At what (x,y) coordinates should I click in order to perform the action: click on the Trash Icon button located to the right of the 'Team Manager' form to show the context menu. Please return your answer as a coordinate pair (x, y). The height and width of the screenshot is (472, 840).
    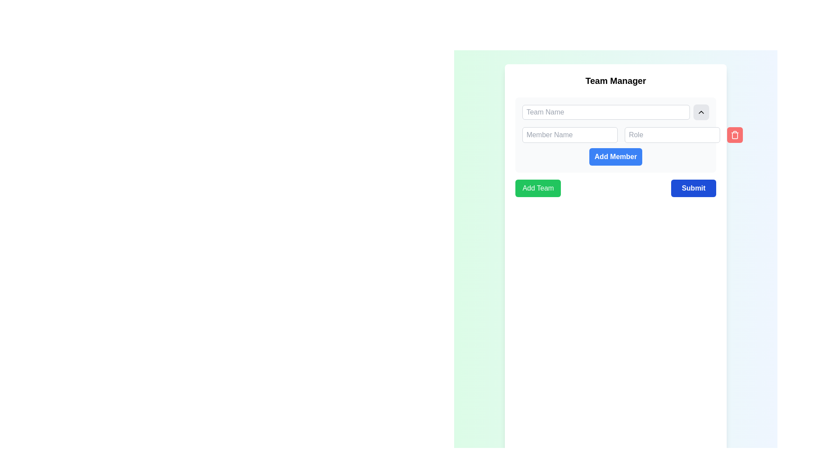
    Looking at the image, I should click on (735, 135).